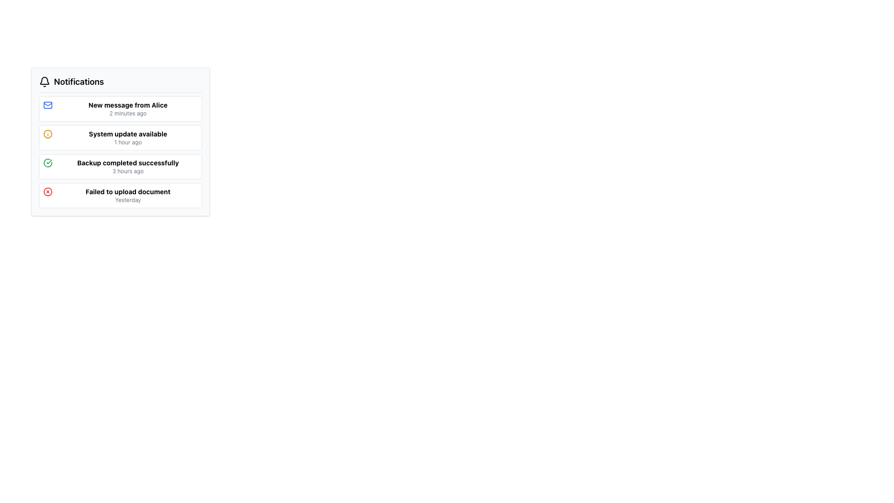 This screenshot has width=894, height=503. What do you see at coordinates (127, 191) in the screenshot?
I see `text of the notification label displaying 'Failed to upload document', which is styled in bold and small font within the notification card` at bounding box center [127, 191].